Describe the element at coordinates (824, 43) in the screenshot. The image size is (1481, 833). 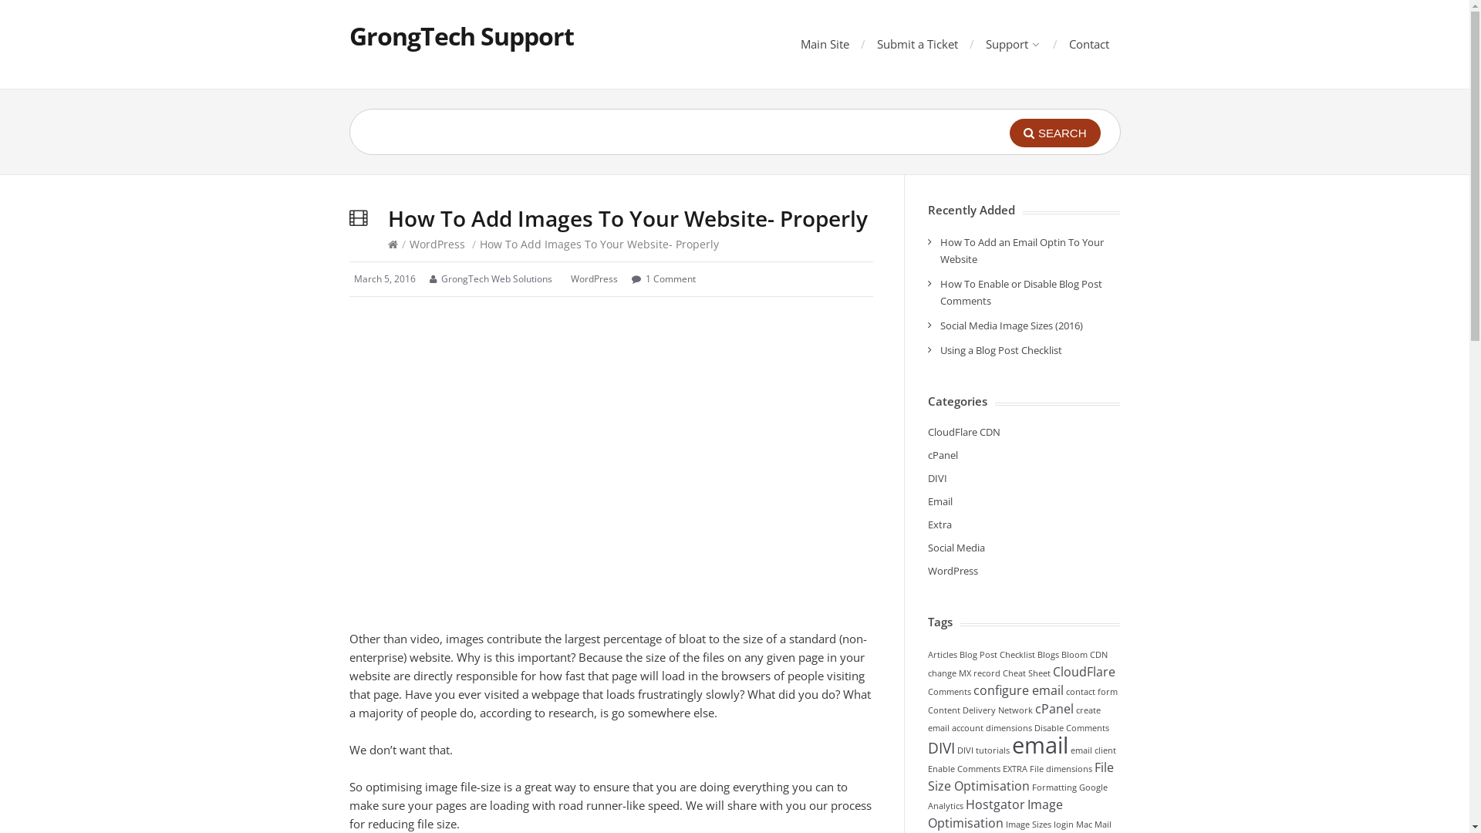
I see `'Main Site'` at that location.